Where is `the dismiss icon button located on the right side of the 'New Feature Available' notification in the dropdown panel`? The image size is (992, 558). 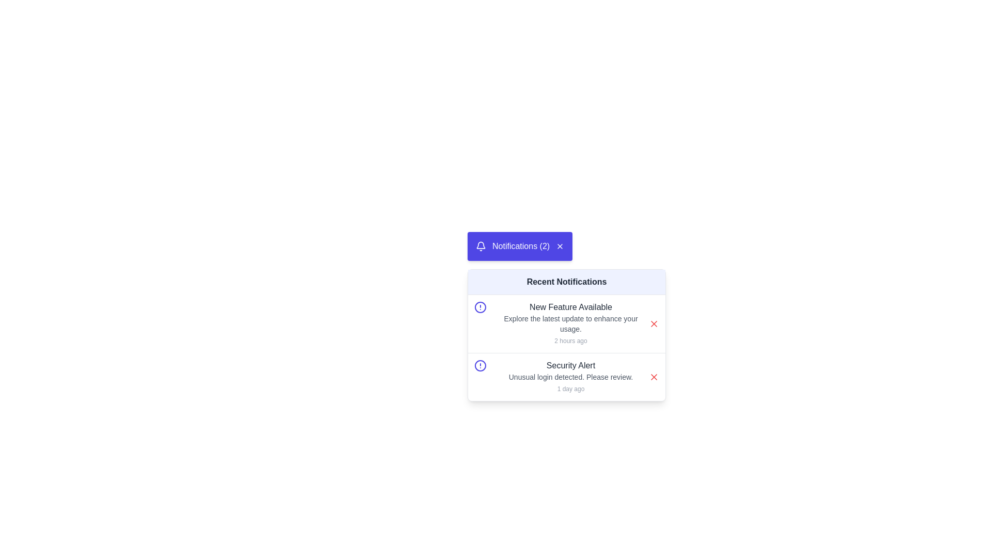 the dismiss icon button located on the right side of the 'New Feature Available' notification in the dropdown panel is located at coordinates (654, 323).